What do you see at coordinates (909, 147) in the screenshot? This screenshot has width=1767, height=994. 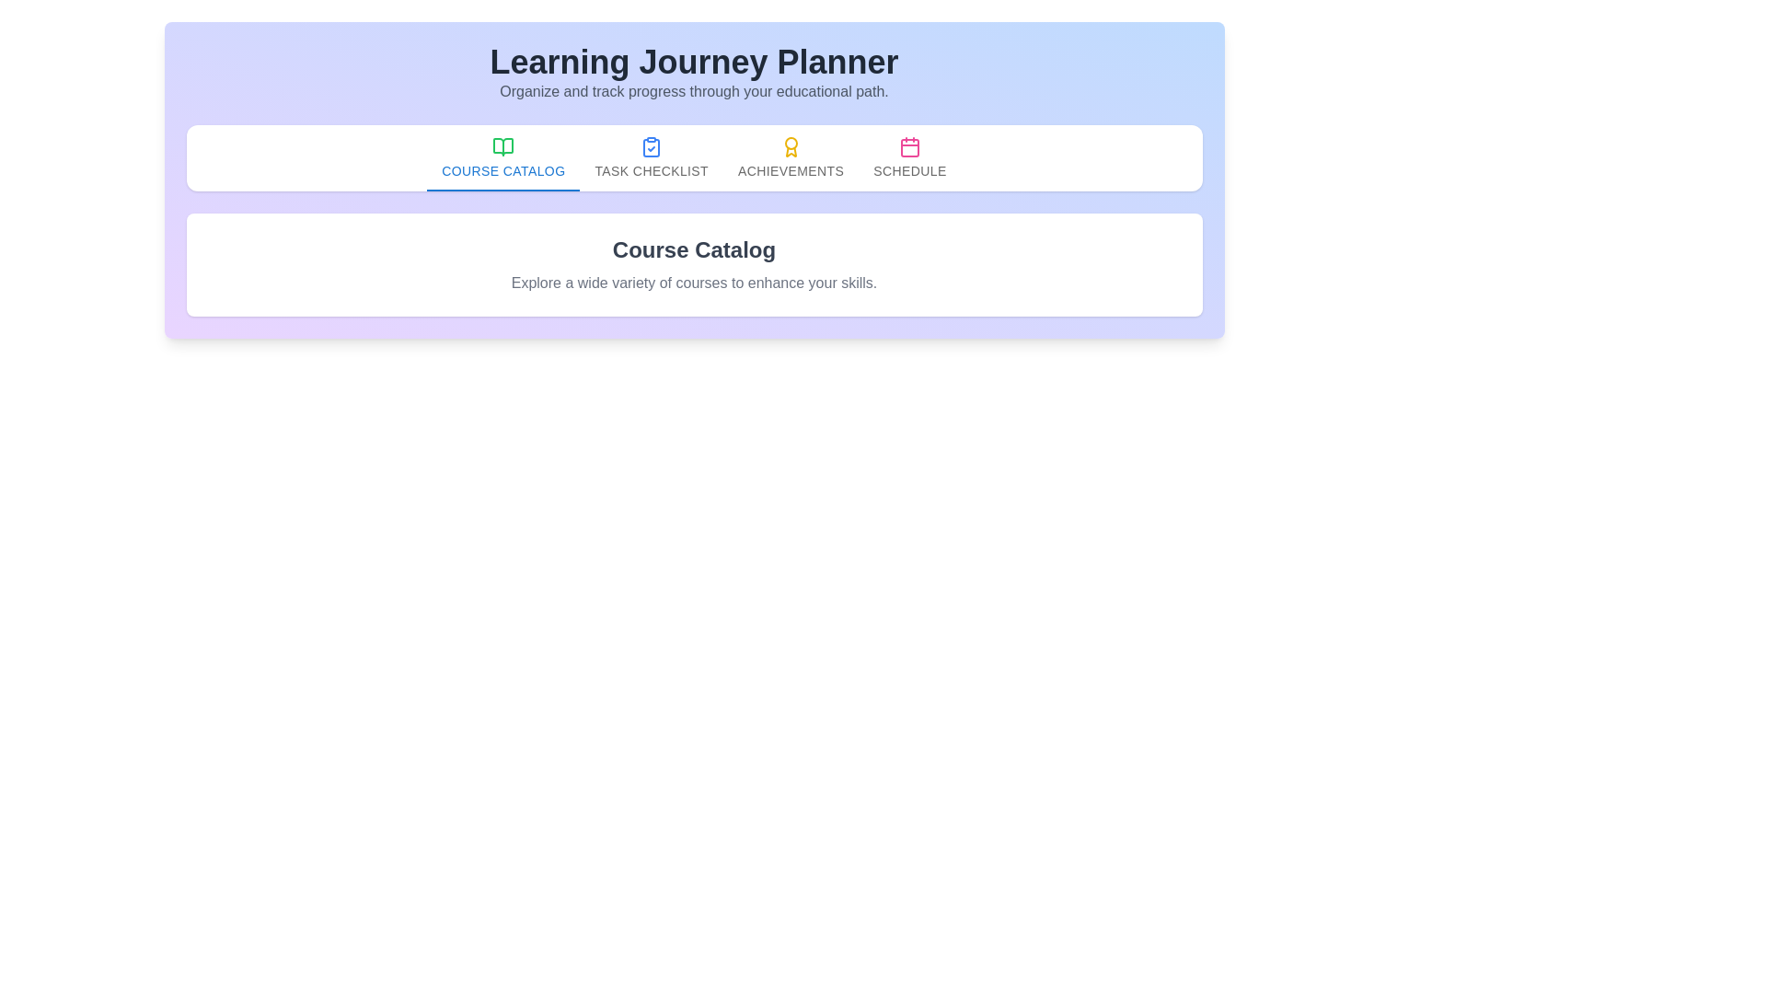 I see `the pink calendar icon labeled 'Schedule' in the horizontal navigation bar` at bounding box center [909, 147].